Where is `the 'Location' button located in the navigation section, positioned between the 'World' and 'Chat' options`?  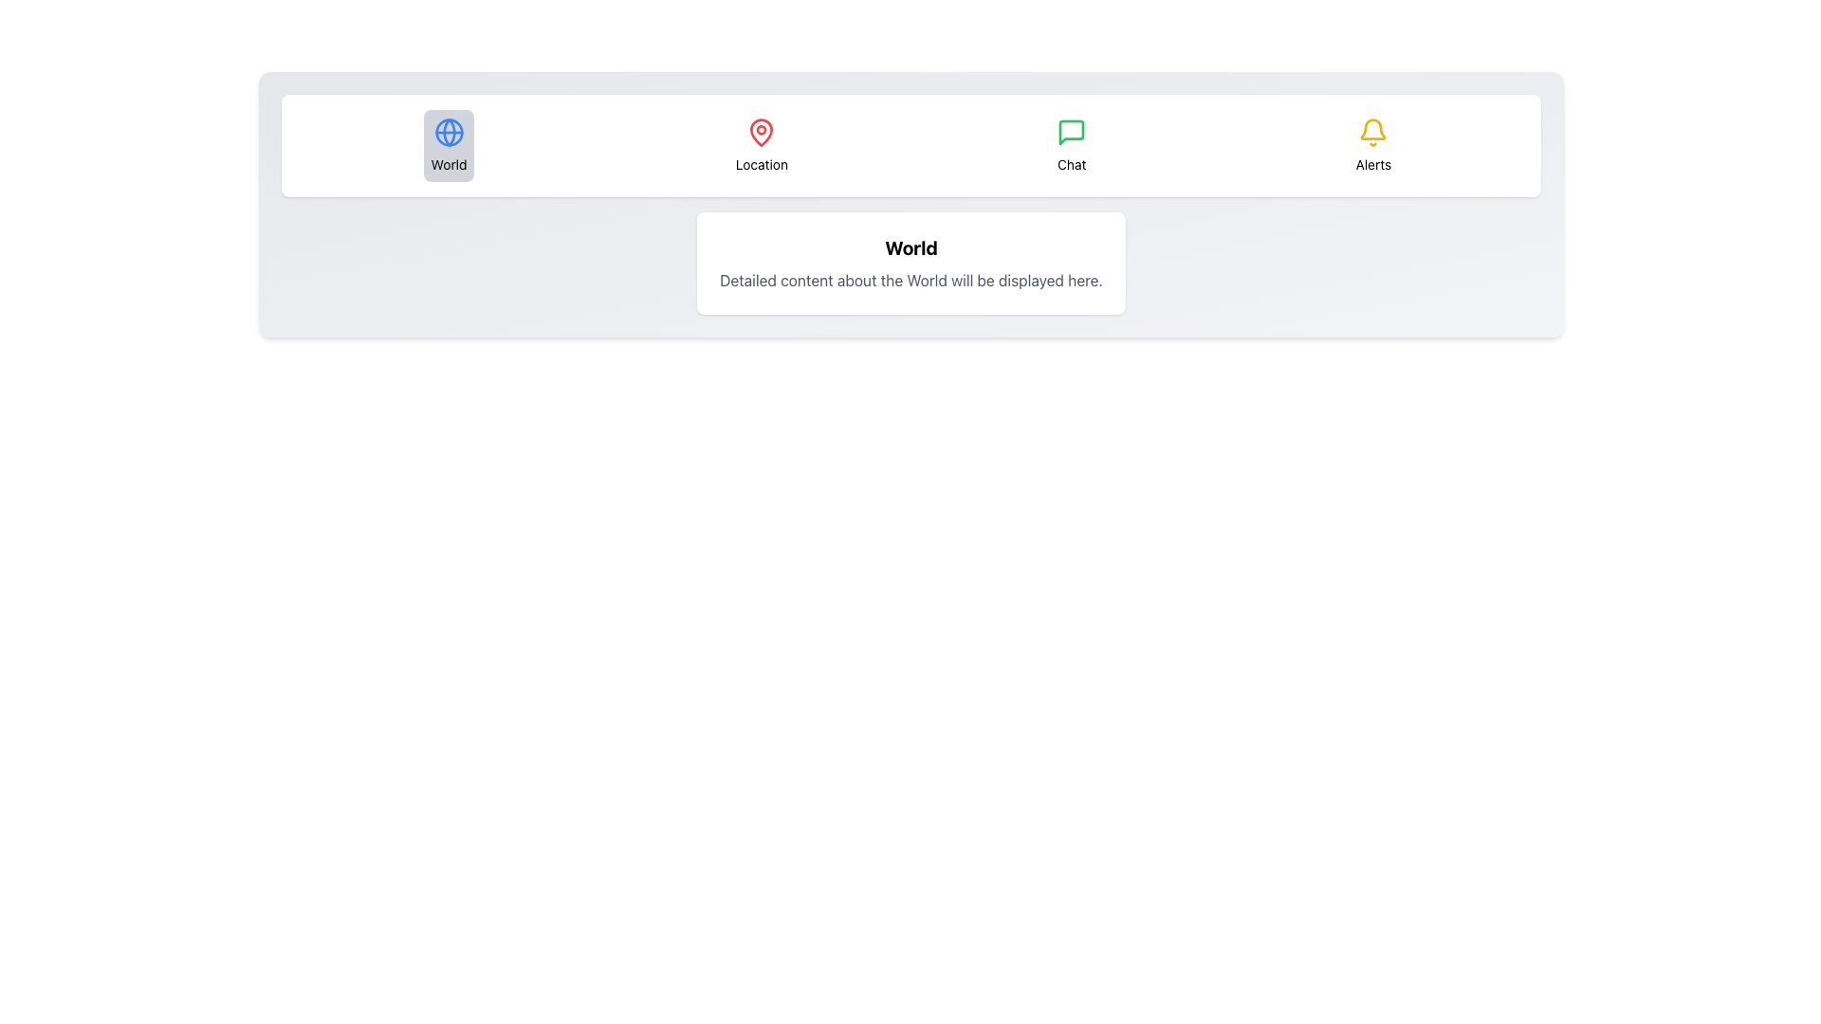
the 'Location' button located in the navigation section, positioned between the 'World' and 'Chat' options is located at coordinates (761, 145).